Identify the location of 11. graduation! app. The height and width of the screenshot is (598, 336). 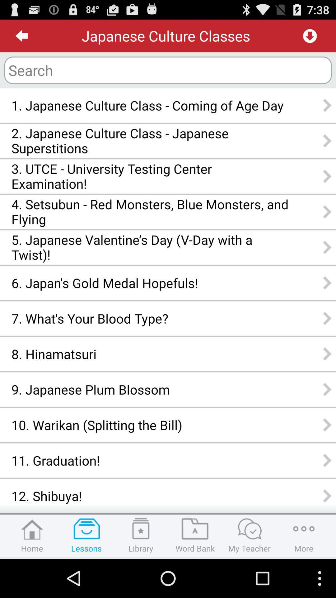
(150, 460).